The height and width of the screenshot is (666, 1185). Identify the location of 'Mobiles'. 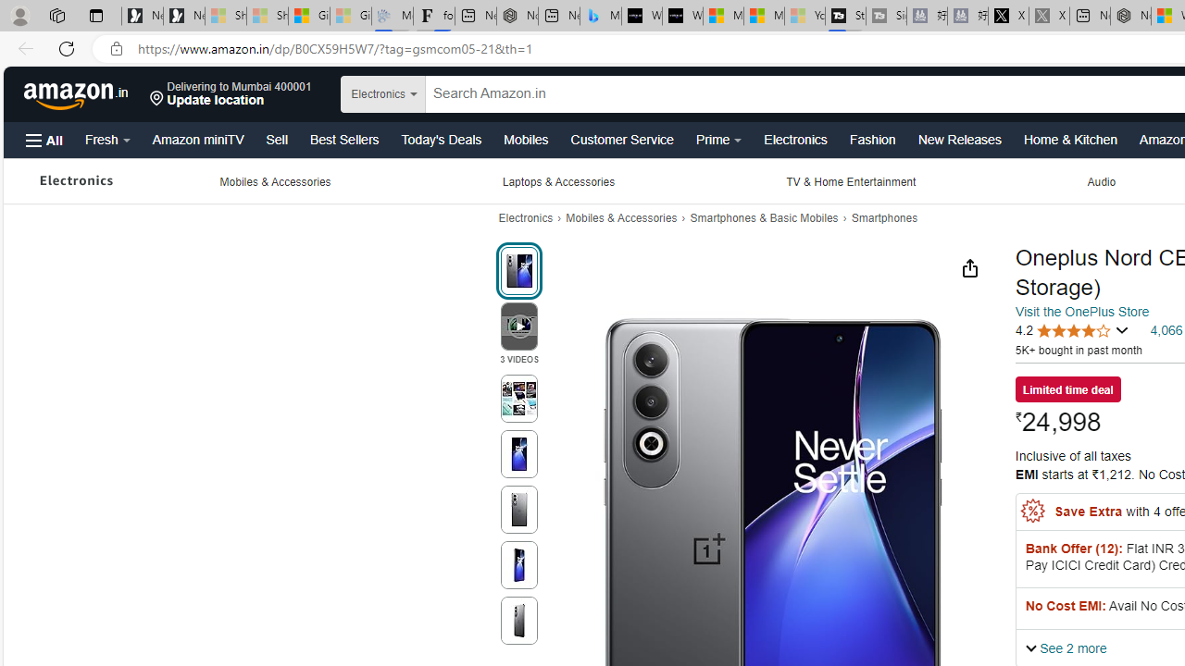
(525, 138).